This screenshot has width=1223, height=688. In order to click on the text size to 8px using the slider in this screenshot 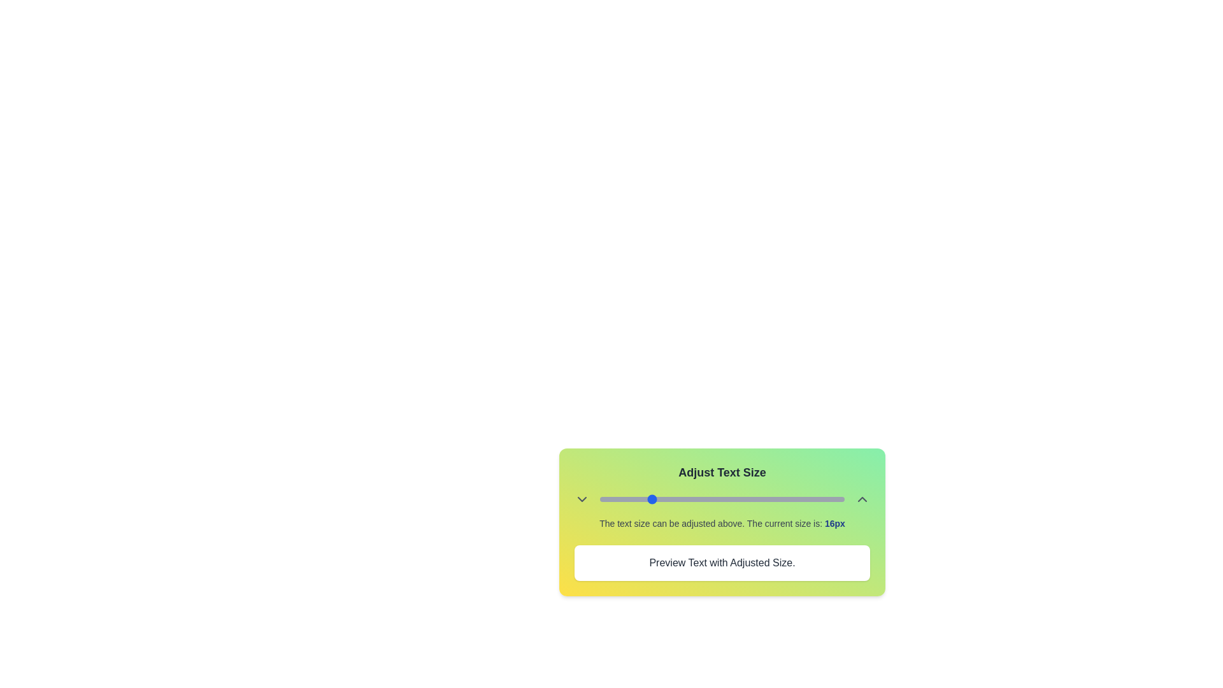, I will do `click(599, 498)`.